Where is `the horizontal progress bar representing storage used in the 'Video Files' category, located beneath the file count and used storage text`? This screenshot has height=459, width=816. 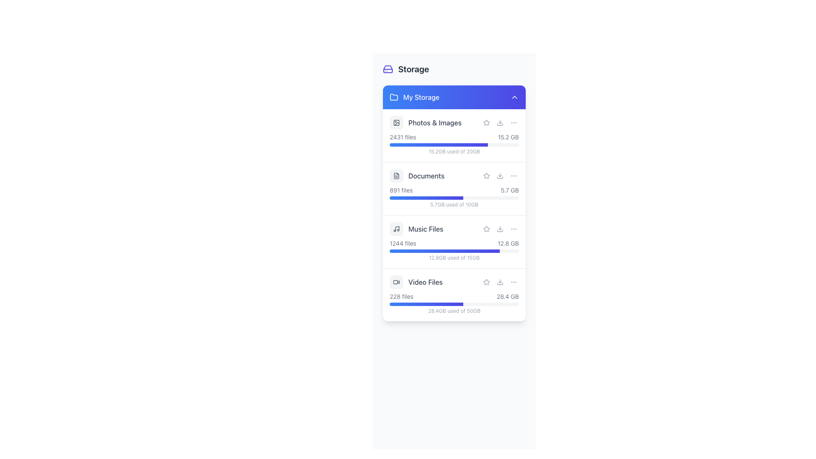
the horizontal progress bar representing storage used in the 'Video Files' category, located beneath the file count and used storage text is located at coordinates (454, 303).